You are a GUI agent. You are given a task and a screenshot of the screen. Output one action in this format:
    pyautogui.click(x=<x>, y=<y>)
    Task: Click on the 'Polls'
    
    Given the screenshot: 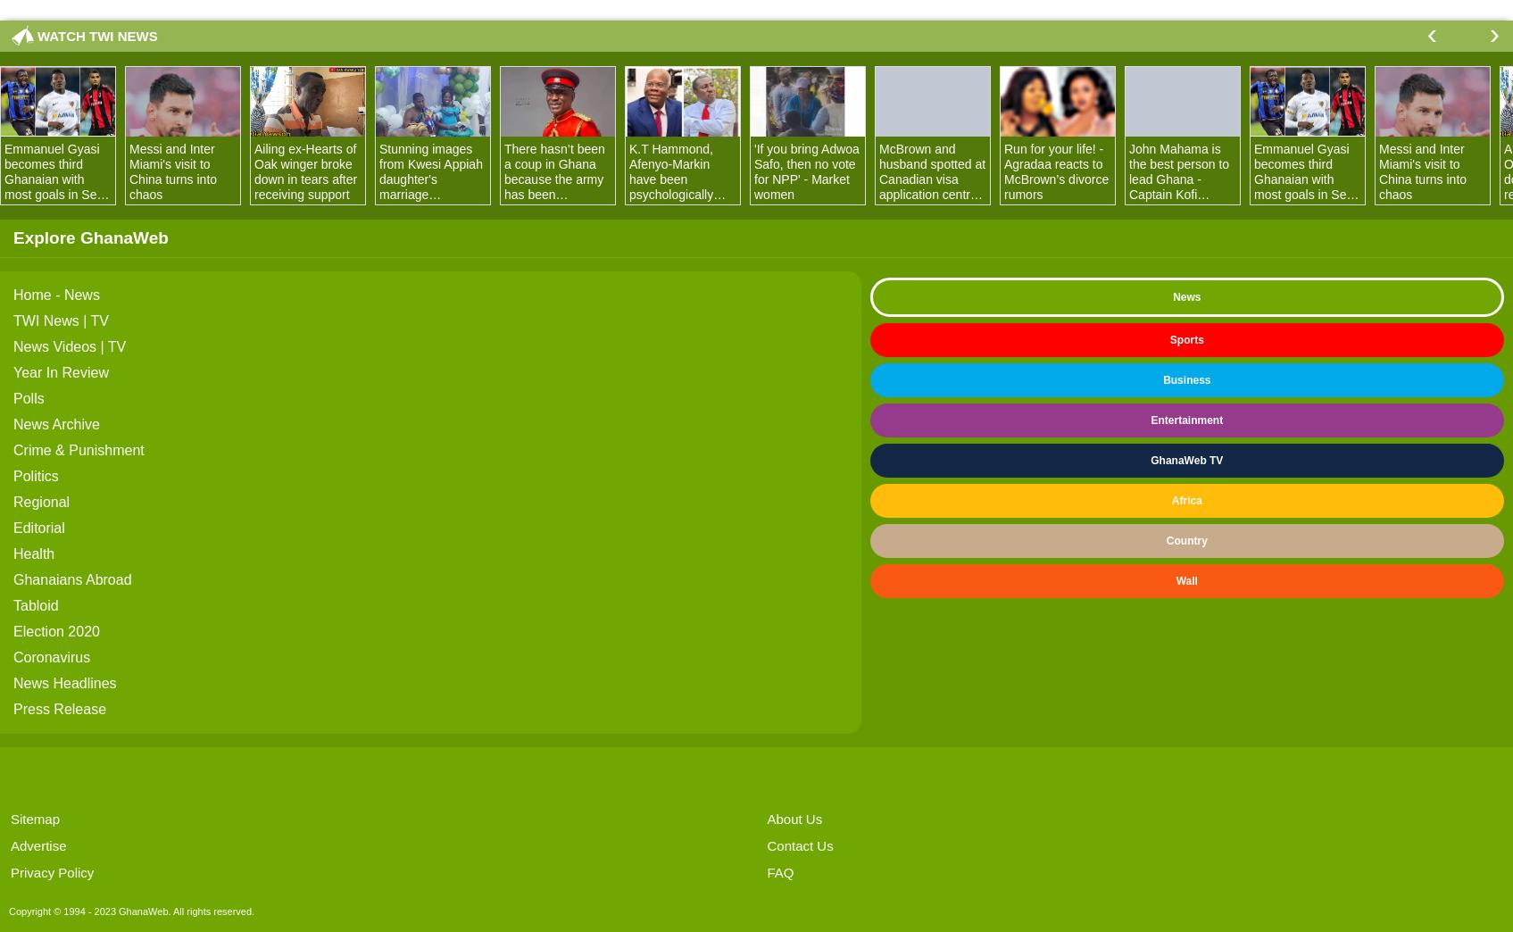 What is the action you would take?
    pyautogui.click(x=29, y=397)
    